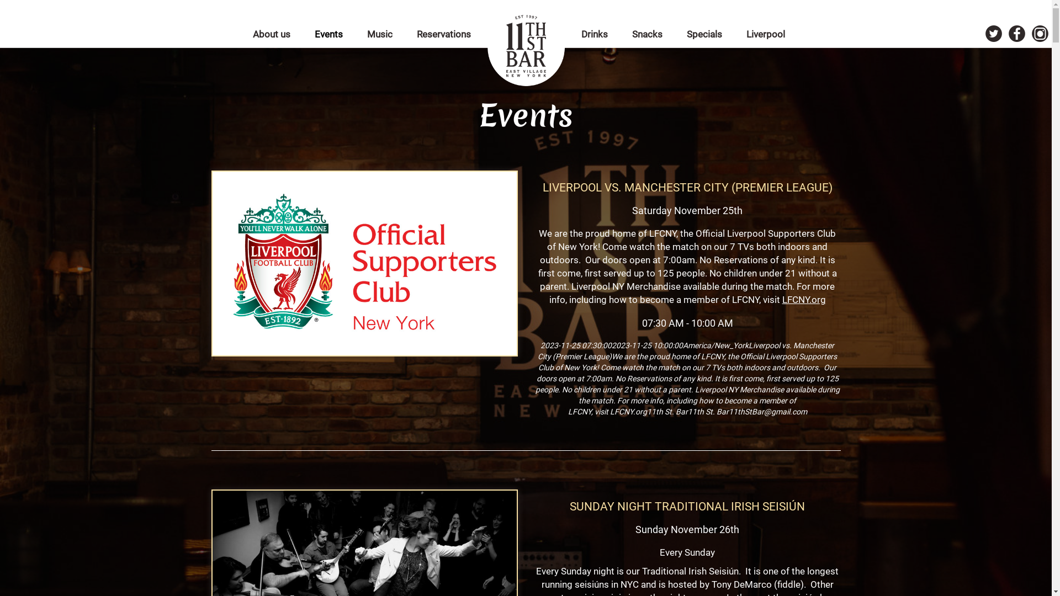  What do you see at coordinates (329, 33) in the screenshot?
I see `'Events'` at bounding box center [329, 33].